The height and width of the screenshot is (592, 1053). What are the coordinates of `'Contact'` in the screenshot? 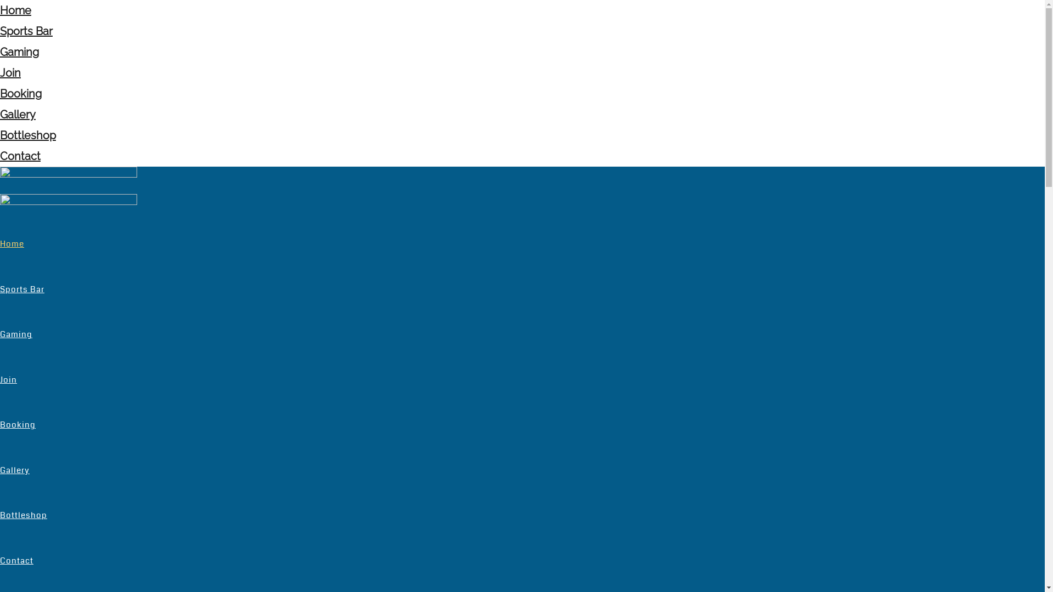 It's located at (16, 560).